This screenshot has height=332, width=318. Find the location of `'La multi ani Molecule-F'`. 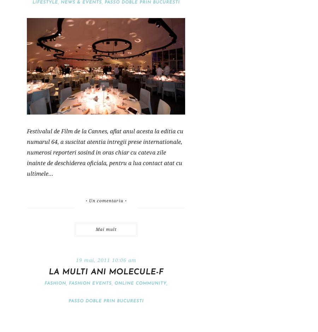

'La multi ani Molecule-F' is located at coordinates (105, 272).